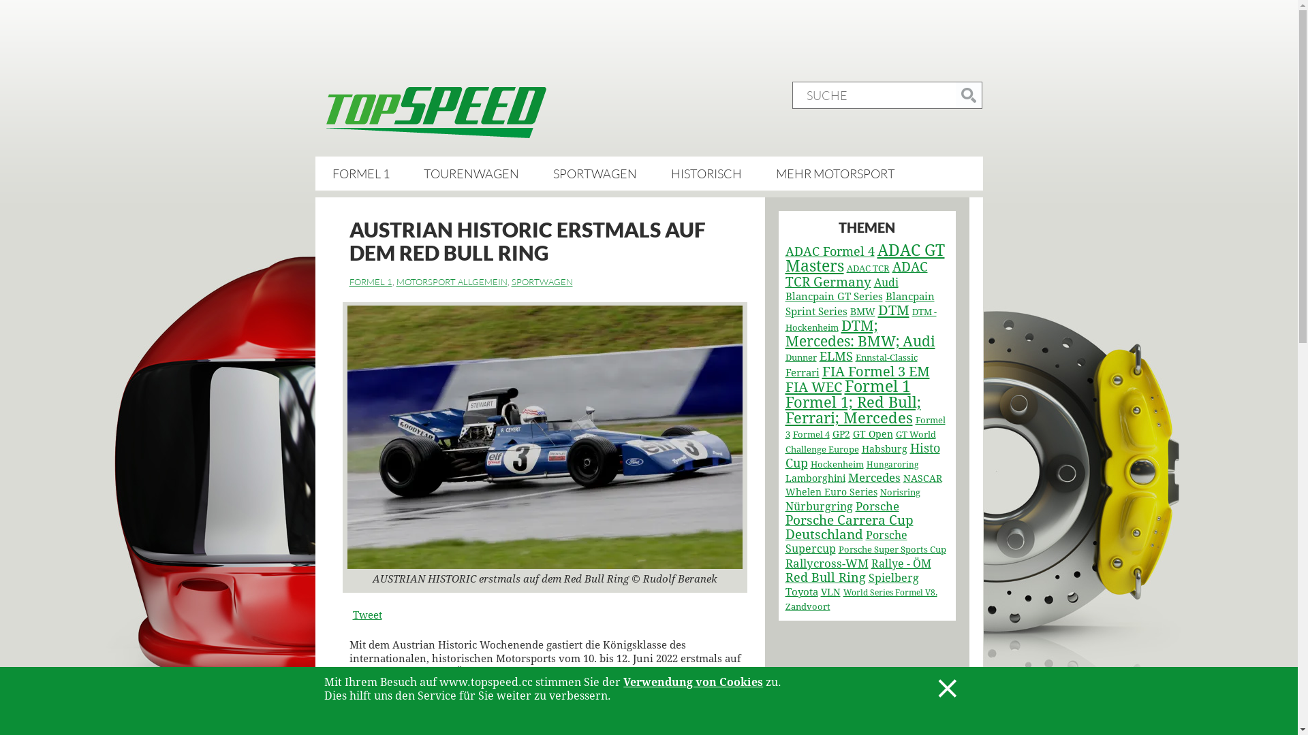 The width and height of the screenshot is (1308, 735). Describe the element at coordinates (892, 310) in the screenshot. I see `'DTM'` at that location.